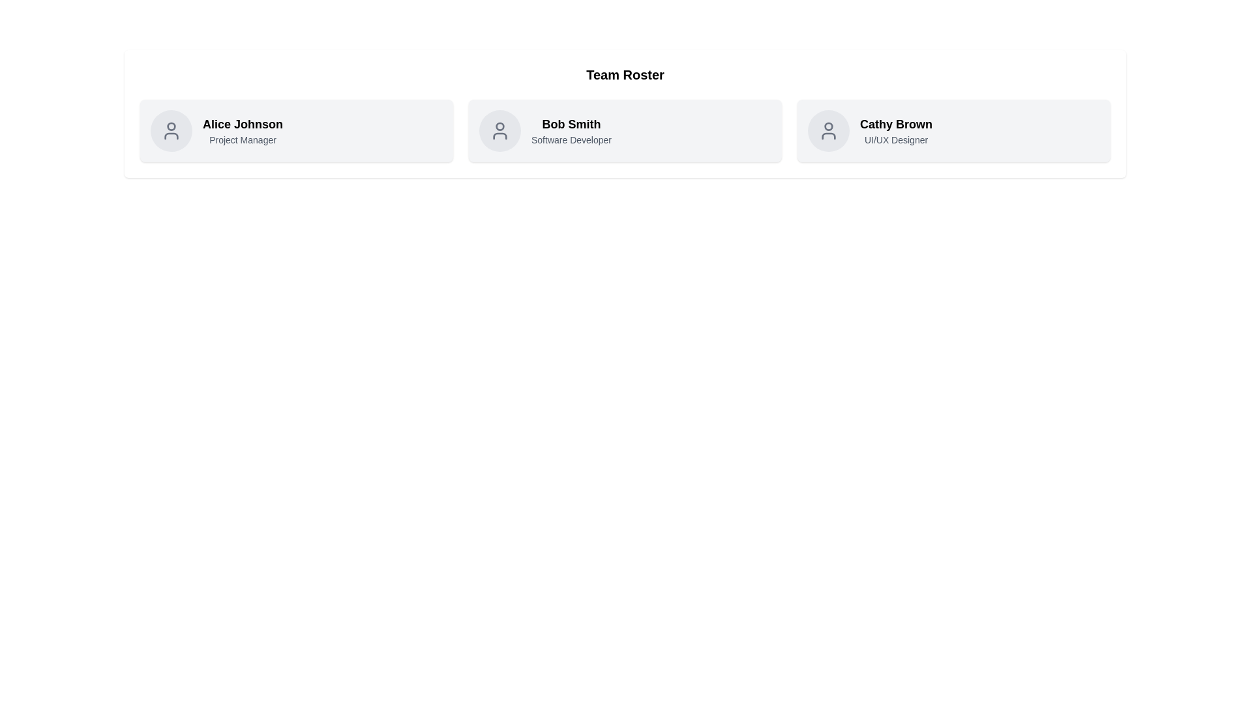  What do you see at coordinates (499, 126) in the screenshot?
I see `the decorative circle in the user profile icon for 'Bob Smith - Software Developer'` at bounding box center [499, 126].